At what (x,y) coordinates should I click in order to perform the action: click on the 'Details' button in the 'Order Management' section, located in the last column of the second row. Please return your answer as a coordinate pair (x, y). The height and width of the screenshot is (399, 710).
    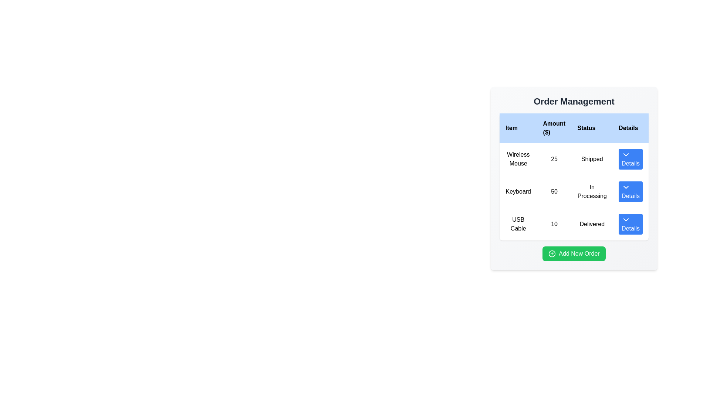
    Looking at the image, I should click on (630, 191).